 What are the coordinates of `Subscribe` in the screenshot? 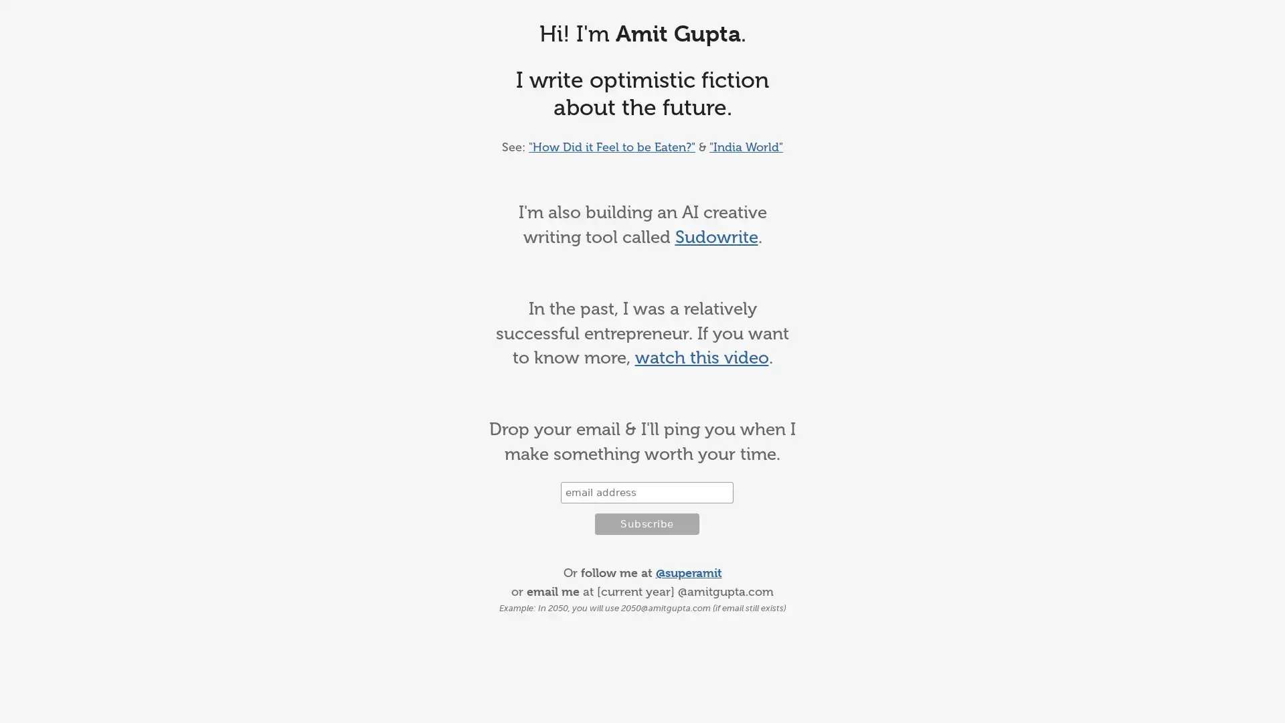 It's located at (646, 524).